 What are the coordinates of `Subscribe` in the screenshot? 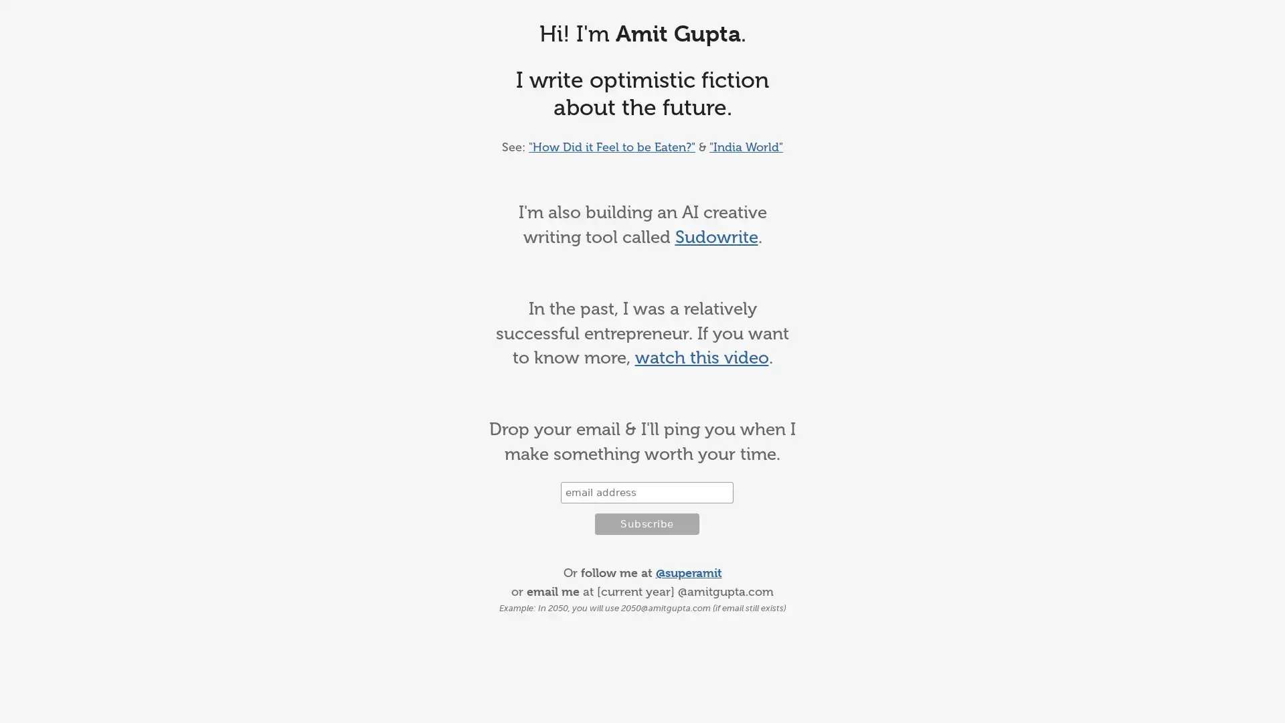 It's located at (646, 524).